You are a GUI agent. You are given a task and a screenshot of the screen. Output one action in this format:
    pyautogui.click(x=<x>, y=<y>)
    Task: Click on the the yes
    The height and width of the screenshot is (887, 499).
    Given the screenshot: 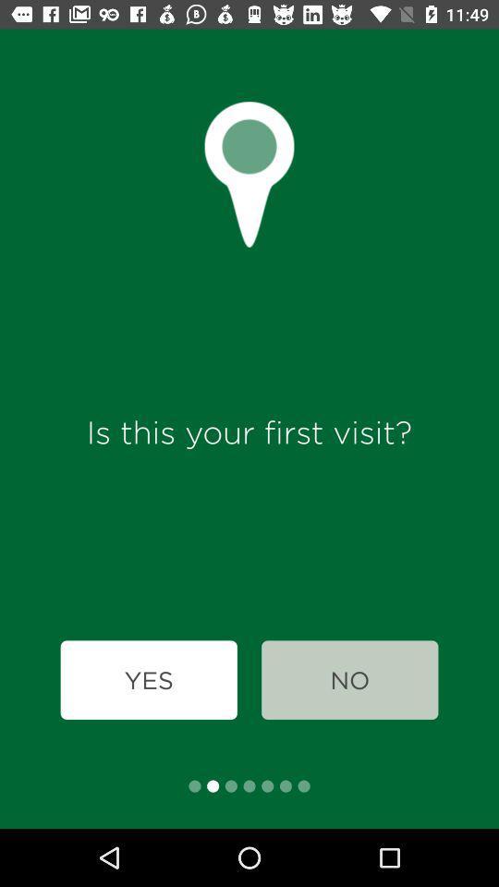 What is the action you would take?
    pyautogui.click(x=148, y=679)
    